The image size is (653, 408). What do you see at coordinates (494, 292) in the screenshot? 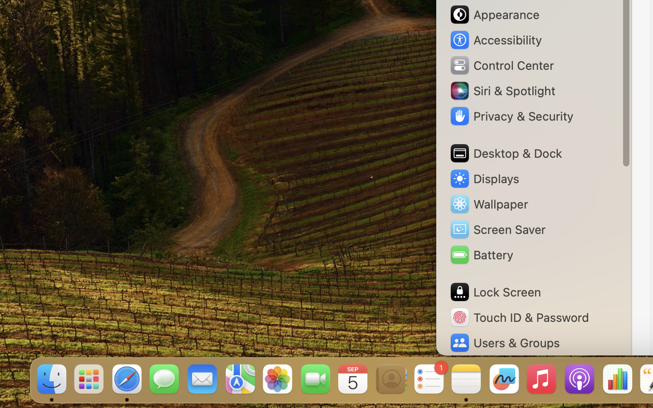
I see `'Lock Screen'` at bounding box center [494, 292].